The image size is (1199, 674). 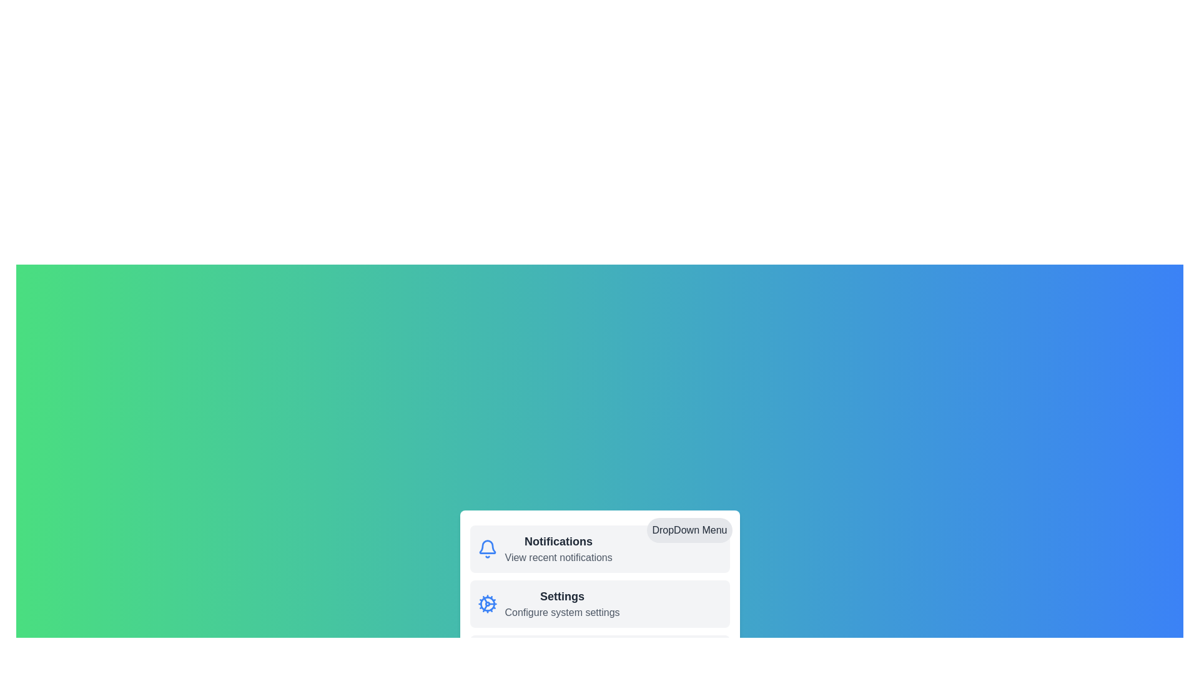 I want to click on the Settings menu item, so click(x=561, y=596).